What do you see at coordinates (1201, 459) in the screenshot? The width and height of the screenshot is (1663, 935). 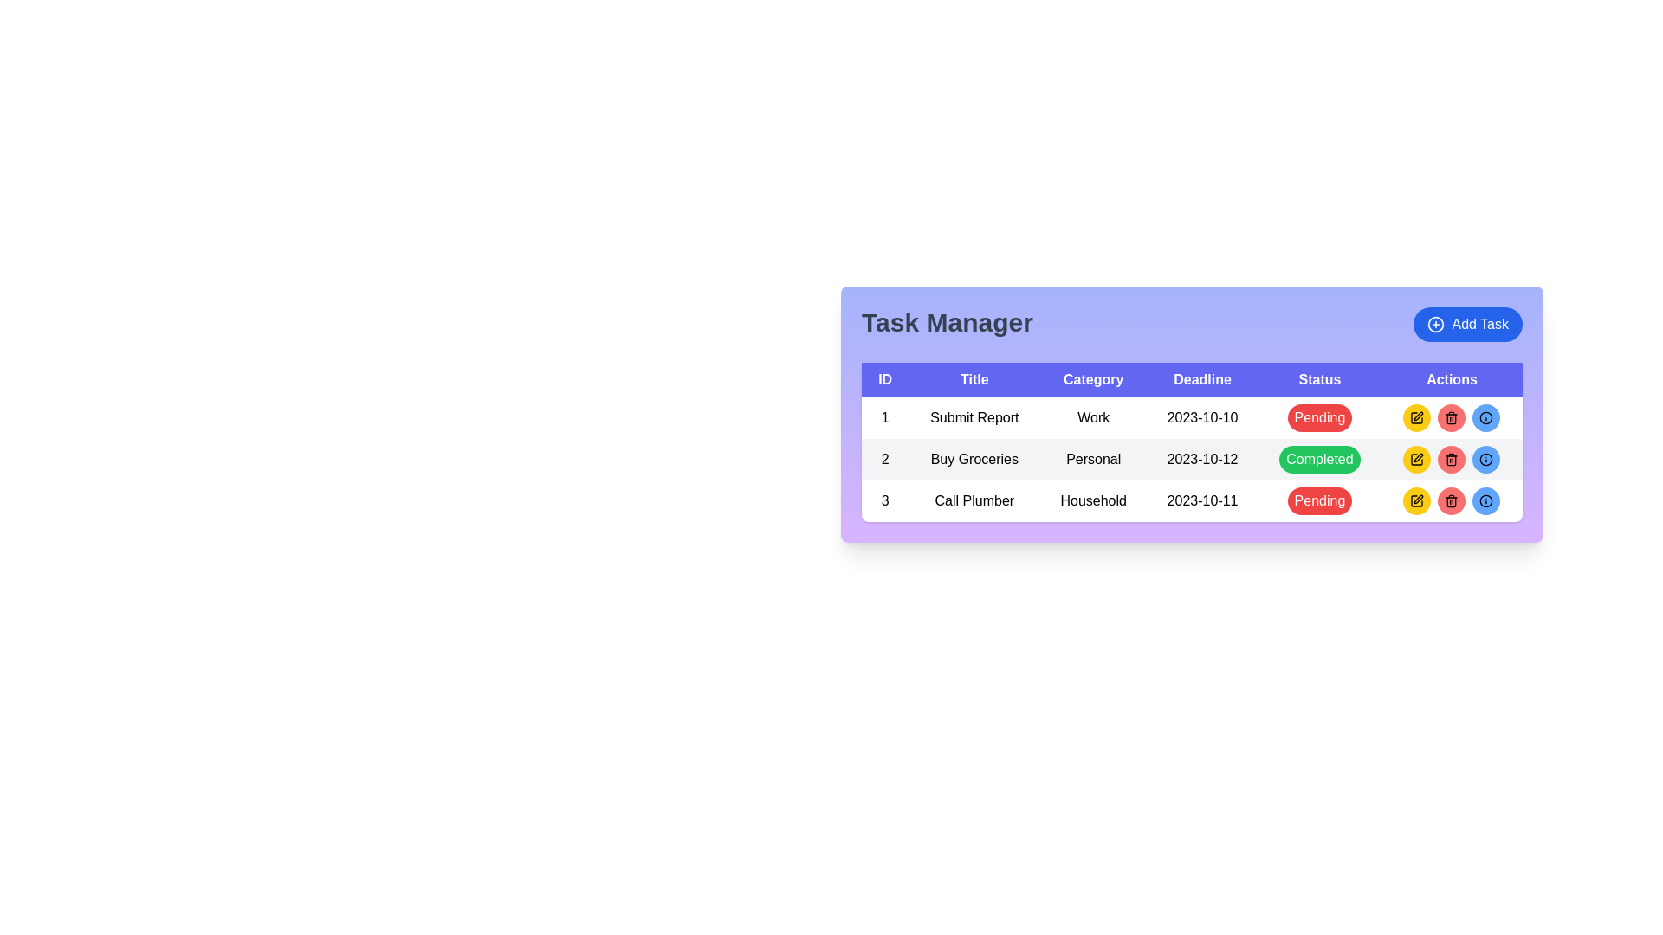 I see `displayed date '2023-10-12' located in the 'Deadline' column of the second row in the table under the 'Task Manager' header` at bounding box center [1201, 459].